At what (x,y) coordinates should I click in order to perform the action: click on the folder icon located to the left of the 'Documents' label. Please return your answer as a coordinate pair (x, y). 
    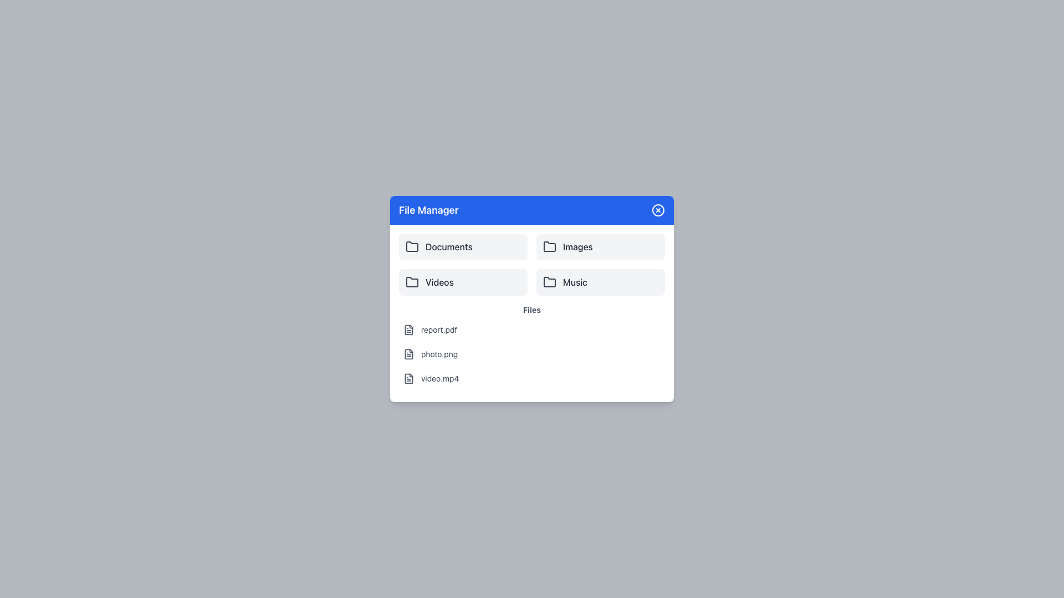
    Looking at the image, I should click on (412, 246).